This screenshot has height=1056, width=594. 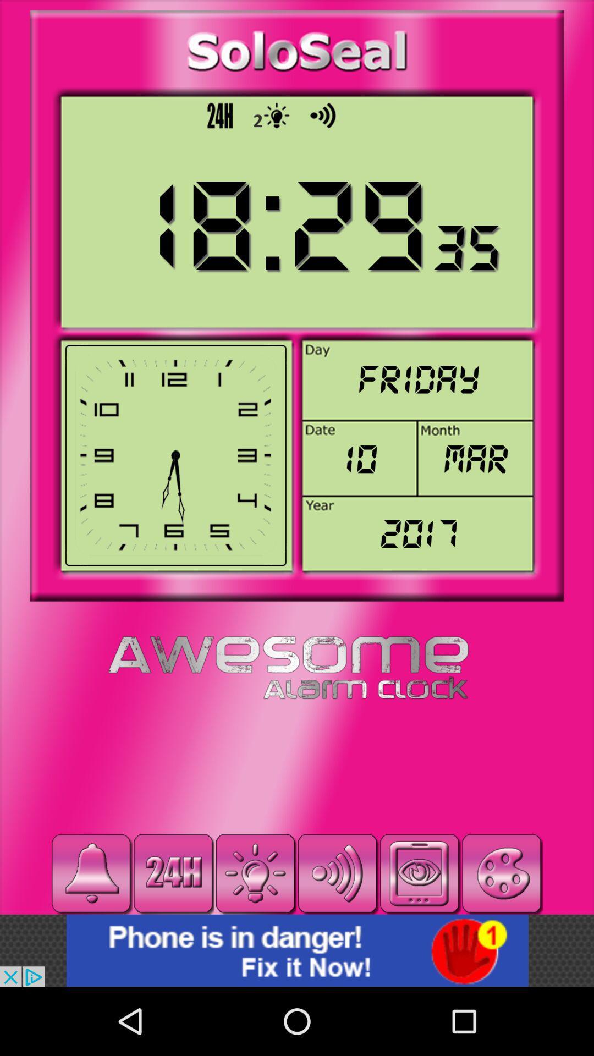 I want to click on sound increase, so click(x=337, y=873).